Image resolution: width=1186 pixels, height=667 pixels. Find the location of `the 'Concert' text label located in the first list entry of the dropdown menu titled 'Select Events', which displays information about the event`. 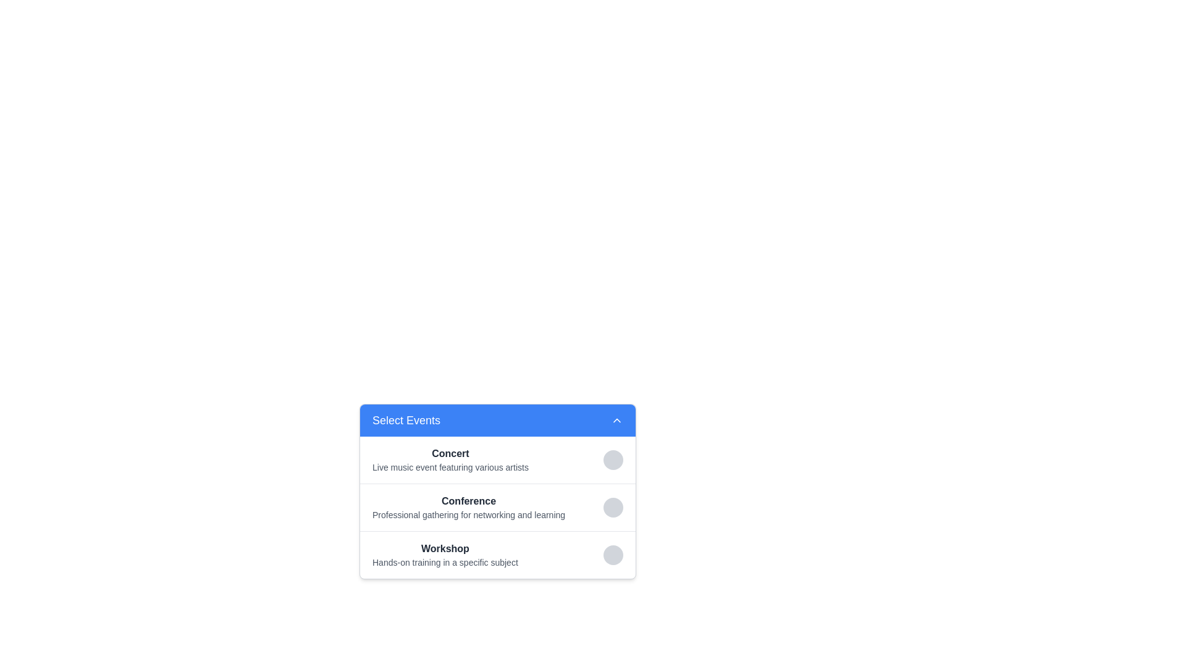

the 'Concert' text label located in the first list entry of the dropdown menu titled 'Select Events', which displays information about the event is located at coordinates (450, 459).